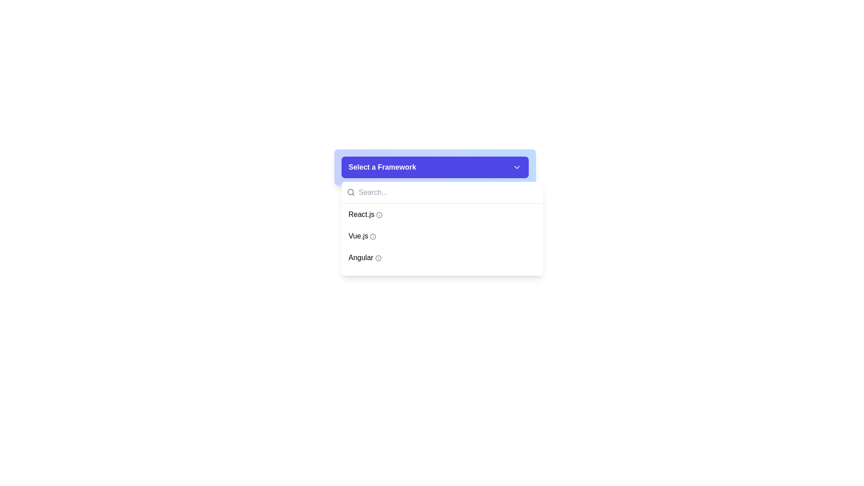 The height and width of the screenshot is (486, 864). What do you see at coordinates (373, 236) in the screenshot?
I see `the circular graphical element representing the 'Vue.js' icon in the dropdown list` at bounding box center [373, 236].